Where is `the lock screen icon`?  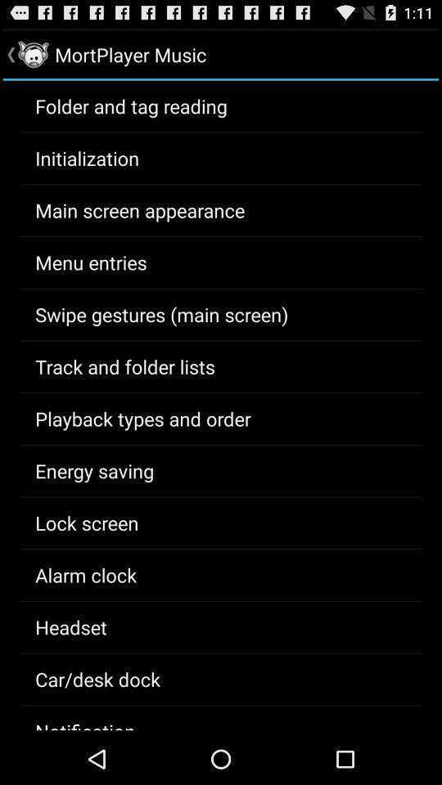 the lock screen icon is located at coordinates (87, 522).